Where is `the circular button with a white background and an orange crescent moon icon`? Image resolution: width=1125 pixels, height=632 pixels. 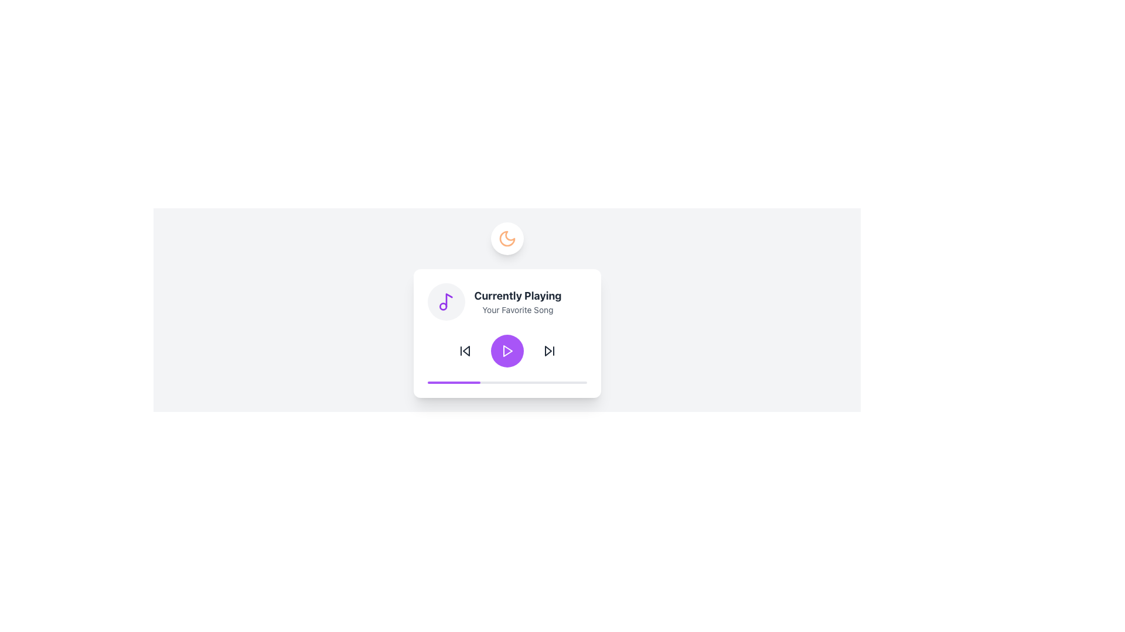 the circular button with a white background and an orange crescent moon icon is located at coordinates (507, 238).